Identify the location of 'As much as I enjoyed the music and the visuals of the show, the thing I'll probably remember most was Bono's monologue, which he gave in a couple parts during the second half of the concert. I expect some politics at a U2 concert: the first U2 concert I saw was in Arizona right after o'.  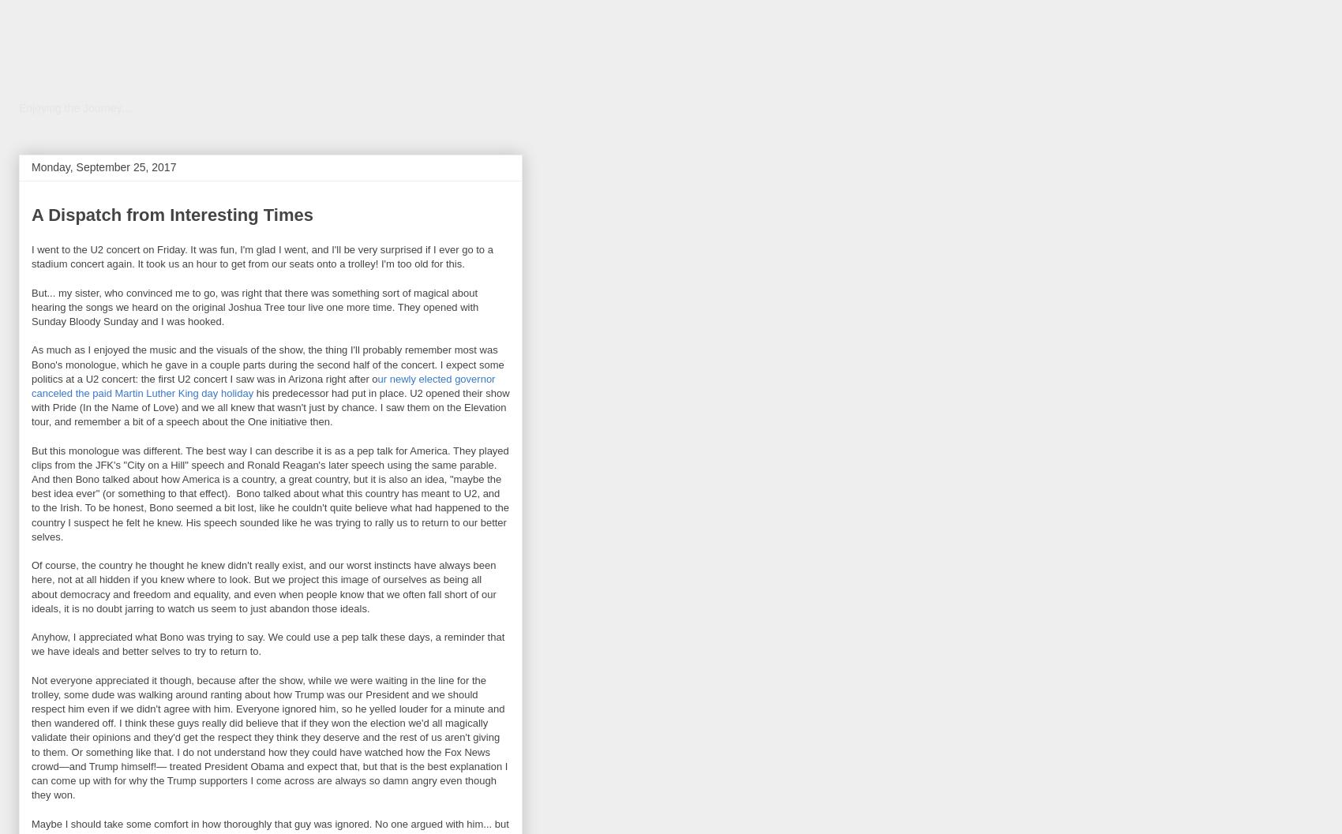
(266, 364).